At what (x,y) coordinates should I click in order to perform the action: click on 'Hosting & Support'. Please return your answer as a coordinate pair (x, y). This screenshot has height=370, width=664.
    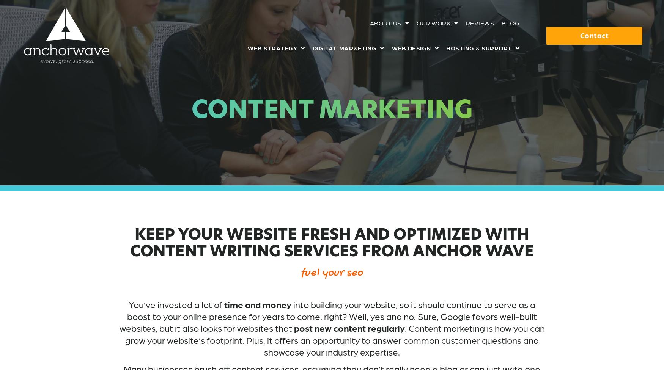
    Looking at the image, I should click on (446, 47).